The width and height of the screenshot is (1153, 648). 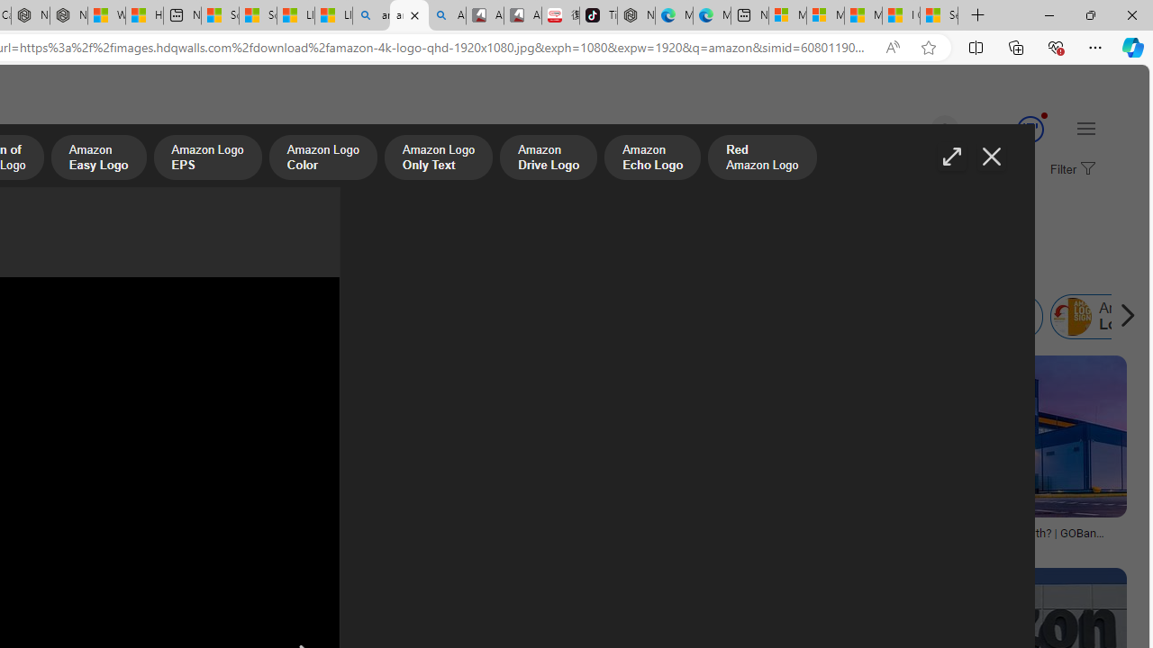 I want to click on 'Class: medal-circled', so click(x=1030, y=129).